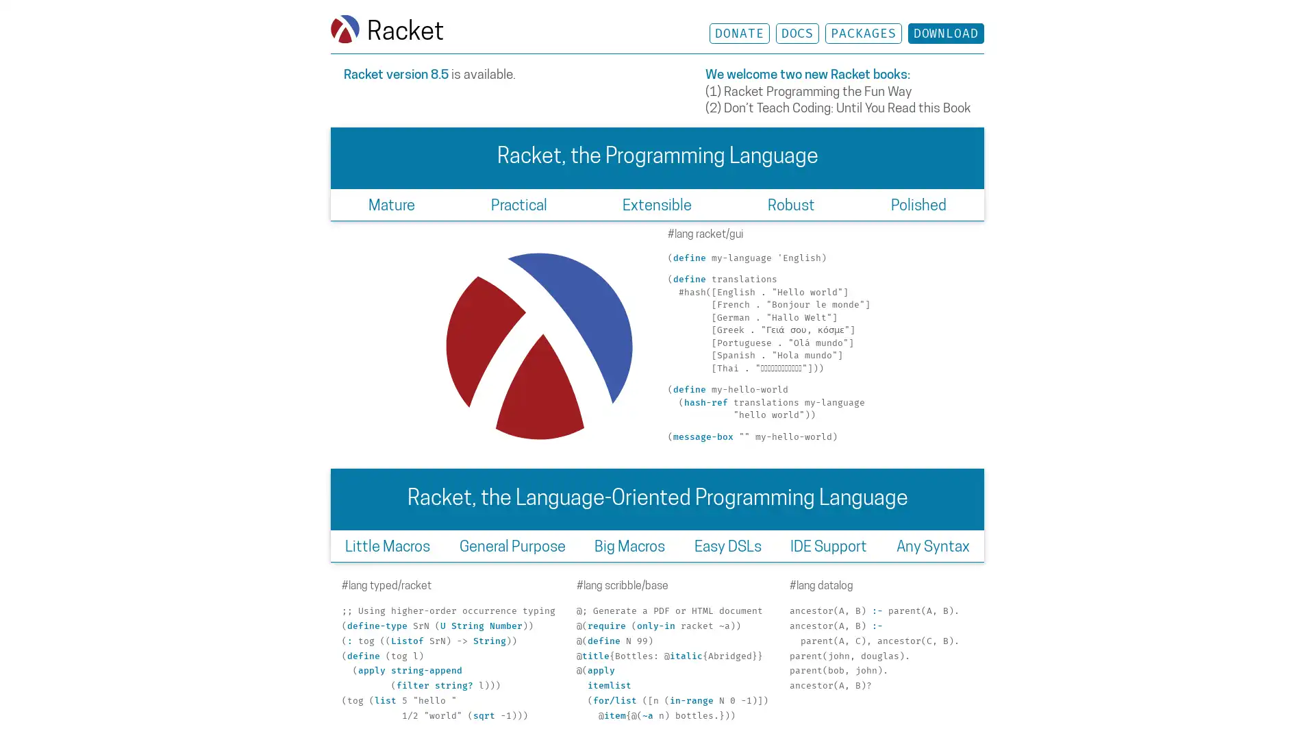 This screenshot has height=740, width=1315. I want to click on Polished, so click(918, 204).